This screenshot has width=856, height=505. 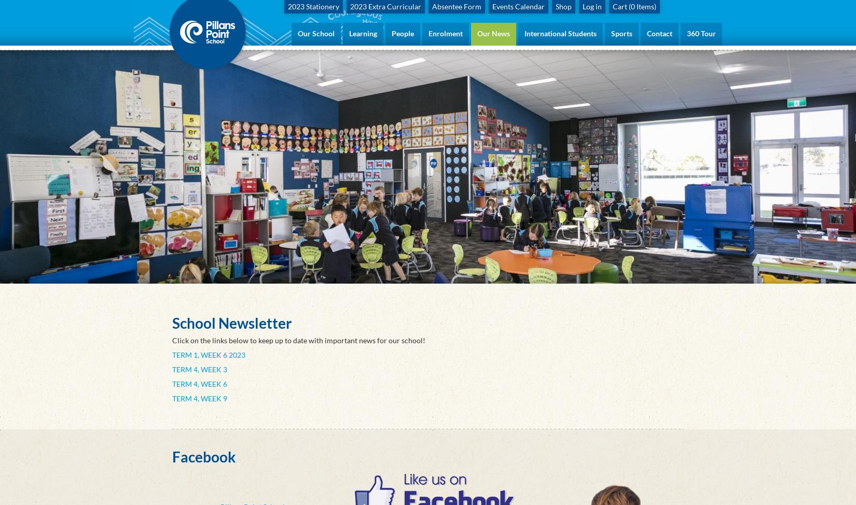 I want to click on 'Facebook', so click(x=204, y=456).